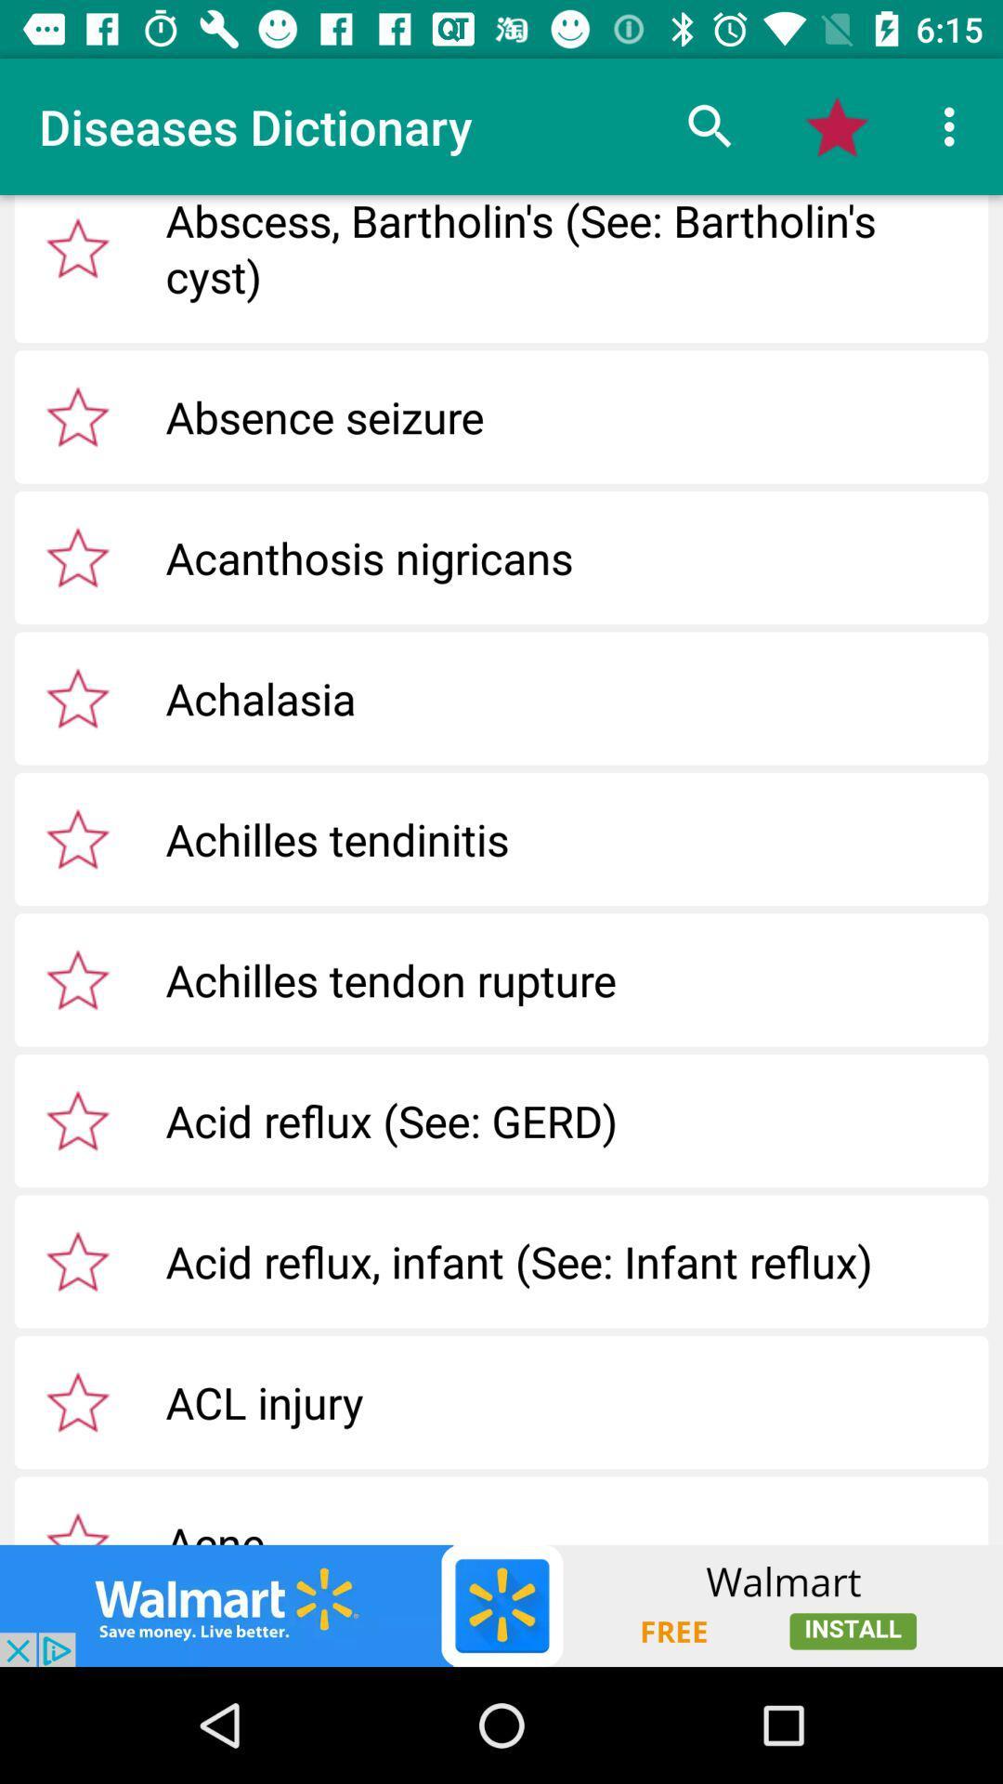  What do you see at coordinates (77, 1401) in the screenshot?
I see `star` at bounding box center [77, 1401].